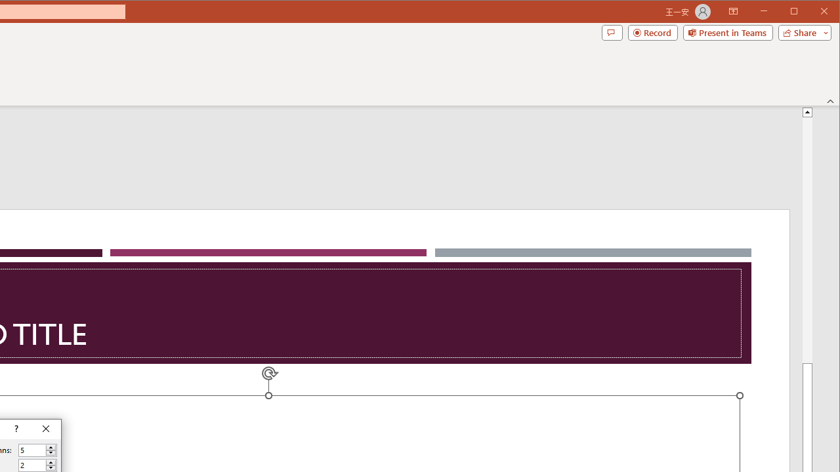 The image size is (840, 472). What do you see at coordinates (37, 464) in the screenshot?
I see `'Number of rows'` at bounding box center [37, 464].